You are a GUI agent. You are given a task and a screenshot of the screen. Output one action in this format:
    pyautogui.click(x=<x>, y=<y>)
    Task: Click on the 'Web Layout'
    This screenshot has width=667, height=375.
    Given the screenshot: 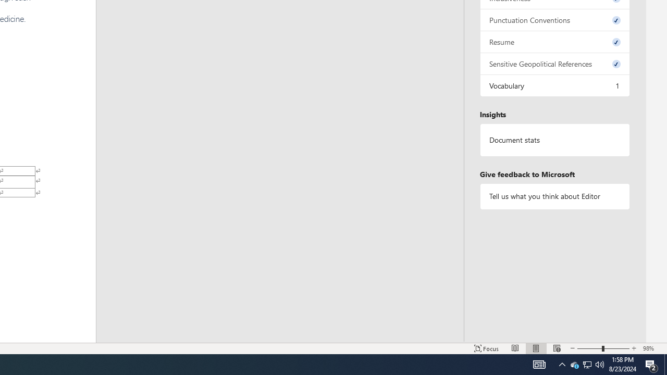 What is the action you would take?
    pyautogui.click(x=557, y=348)
    